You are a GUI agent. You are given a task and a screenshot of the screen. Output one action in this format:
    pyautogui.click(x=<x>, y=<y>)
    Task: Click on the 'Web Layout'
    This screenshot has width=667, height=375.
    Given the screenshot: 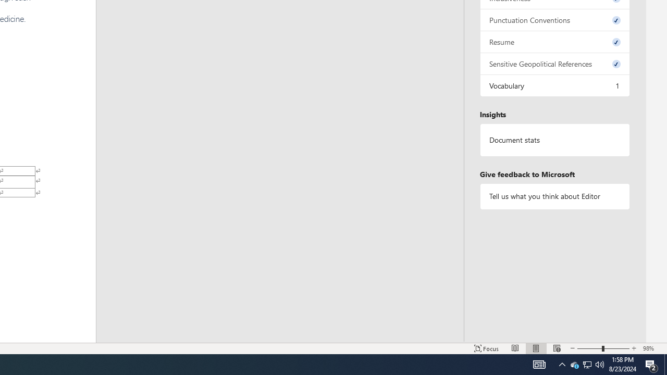 What is the action you would take?
    pyautogui.click(x=557, y=348)
    